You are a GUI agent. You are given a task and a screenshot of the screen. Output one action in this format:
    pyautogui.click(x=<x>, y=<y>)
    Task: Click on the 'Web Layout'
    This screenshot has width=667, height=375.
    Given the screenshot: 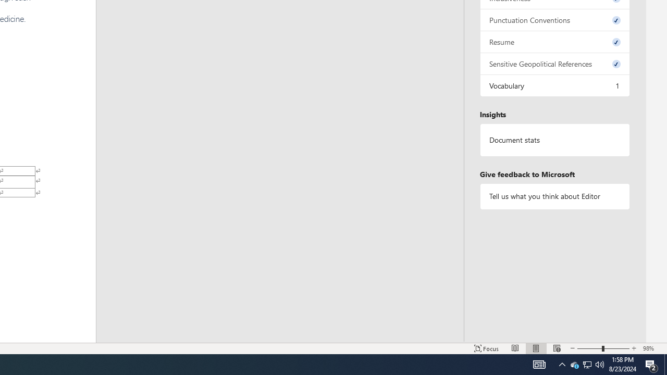 What is the action you would take?
    pyautogui.click(x=557, y=348)
    